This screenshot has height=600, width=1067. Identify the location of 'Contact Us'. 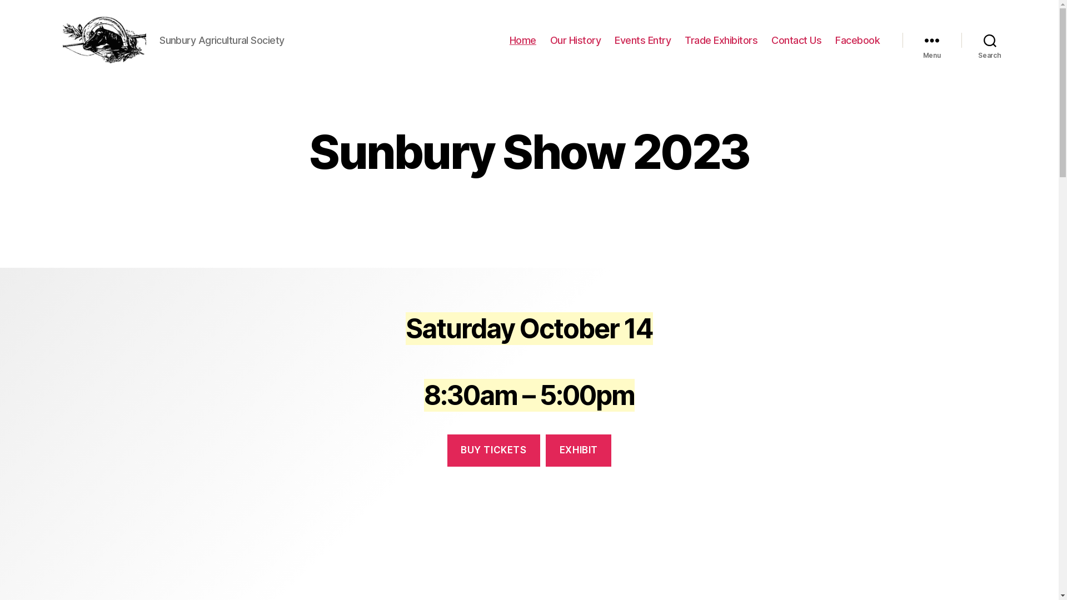
(796, 40).